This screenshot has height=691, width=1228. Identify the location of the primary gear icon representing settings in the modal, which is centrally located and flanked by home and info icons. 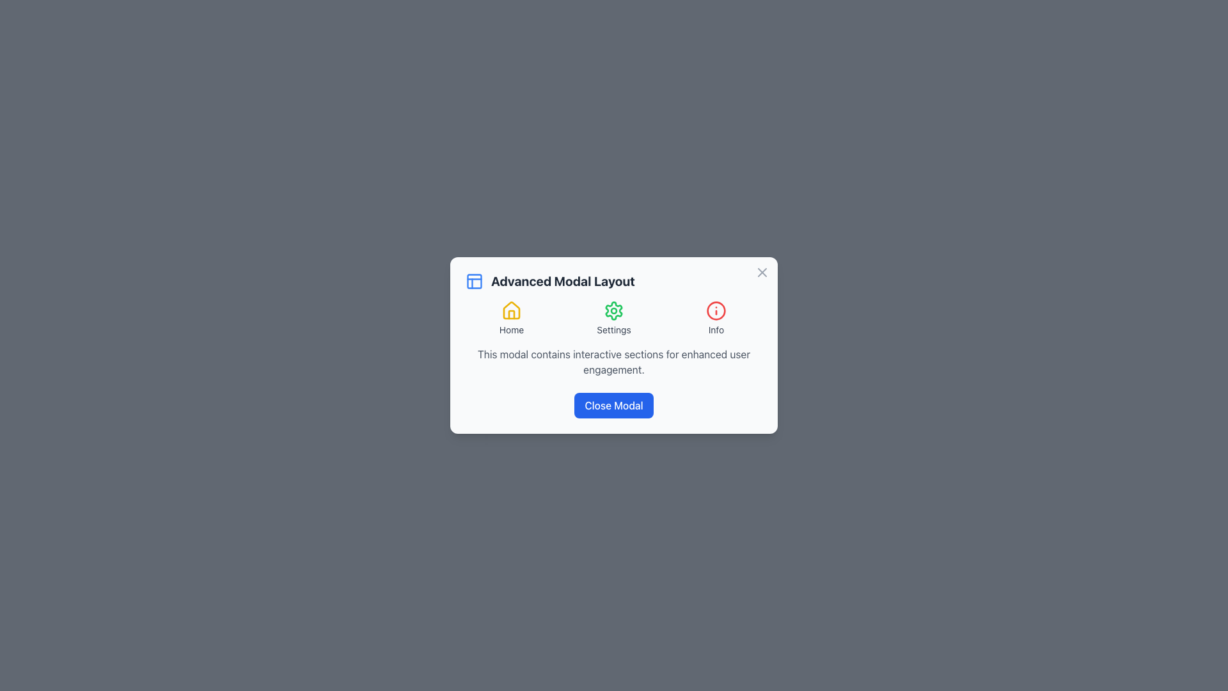
(614, 311).